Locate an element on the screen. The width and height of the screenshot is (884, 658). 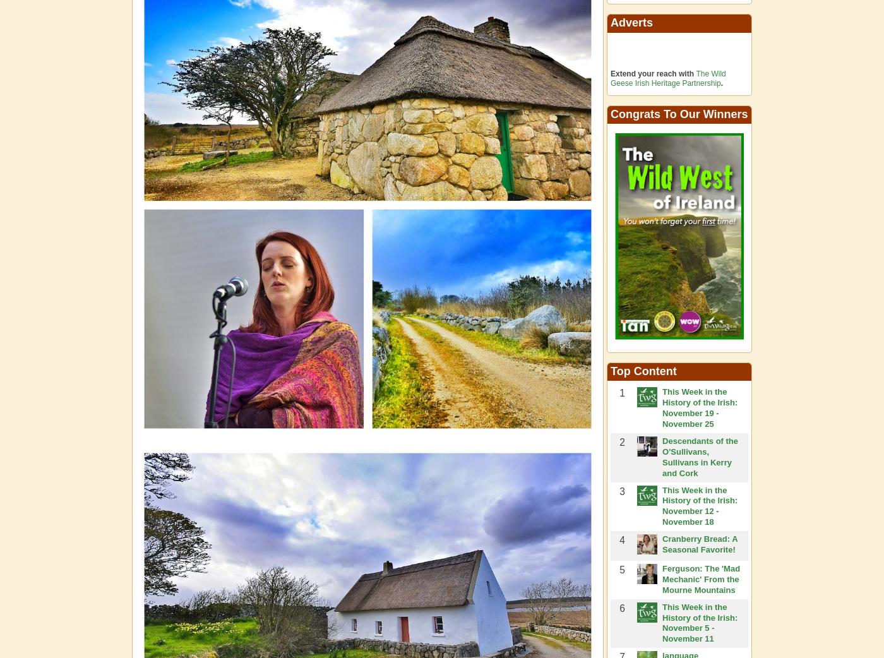
'This Week in the History of the Irish: November 12 - November 18' is located at coordinates (700, 505).